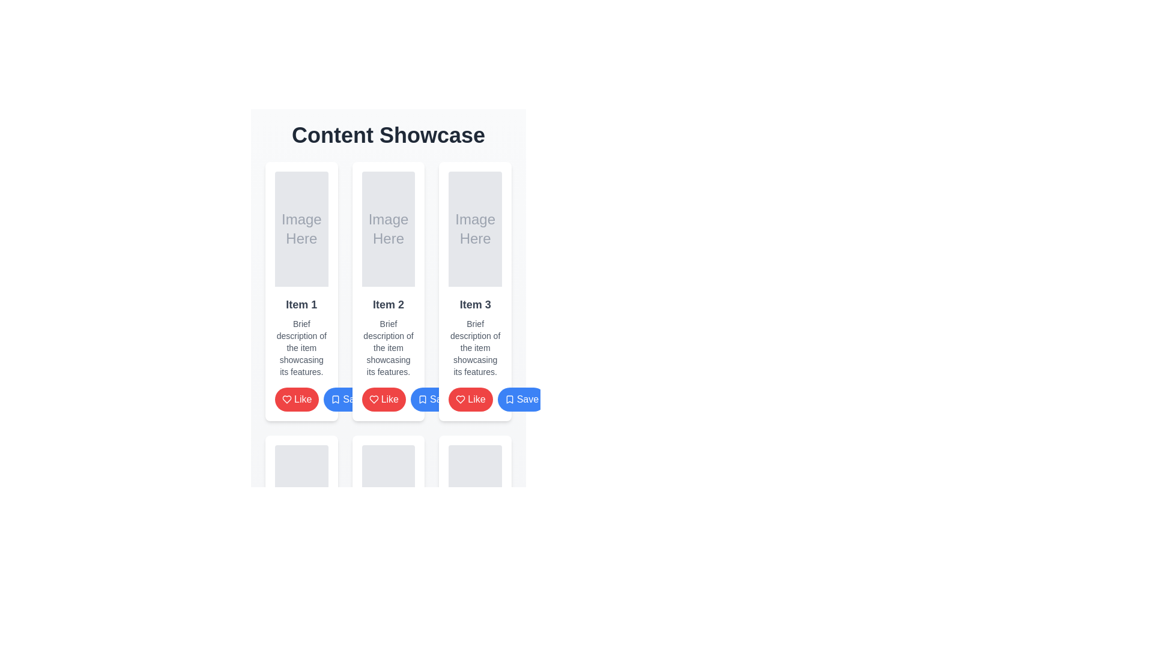  Describe the element at coordinates (474, 347) in the screenshot. I see `the text descriptor located below the title 'Item 3' in the third card of the collection, which provides a concise overview of its features` at that location.